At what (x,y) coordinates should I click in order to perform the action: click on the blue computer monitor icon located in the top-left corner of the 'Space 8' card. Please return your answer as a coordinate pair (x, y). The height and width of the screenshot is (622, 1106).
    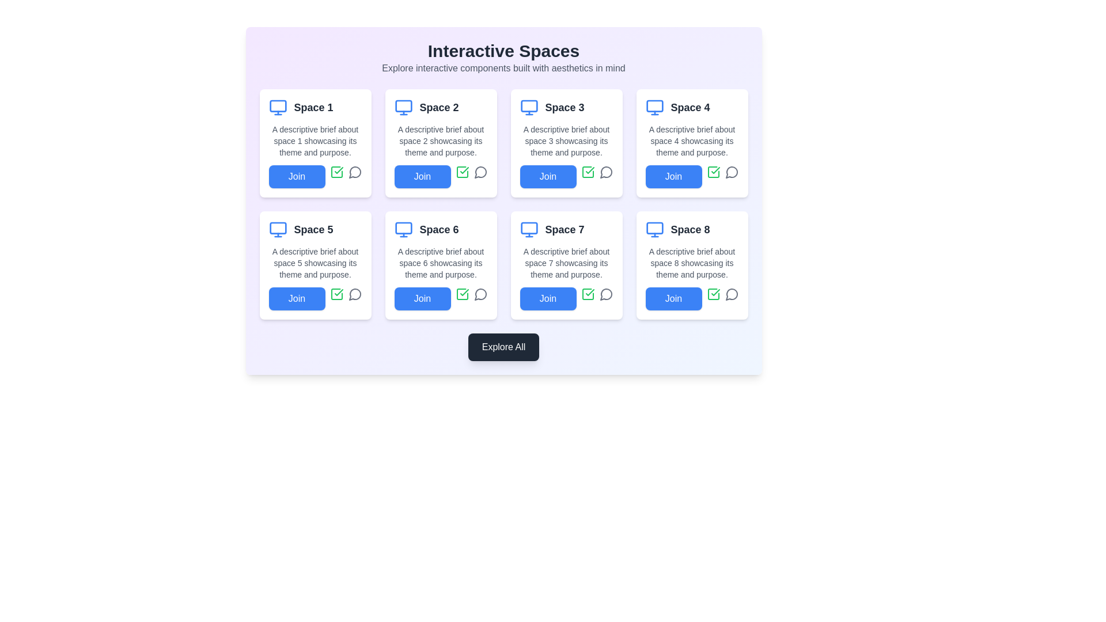
    Looking at the image, I should click on (654, 229).